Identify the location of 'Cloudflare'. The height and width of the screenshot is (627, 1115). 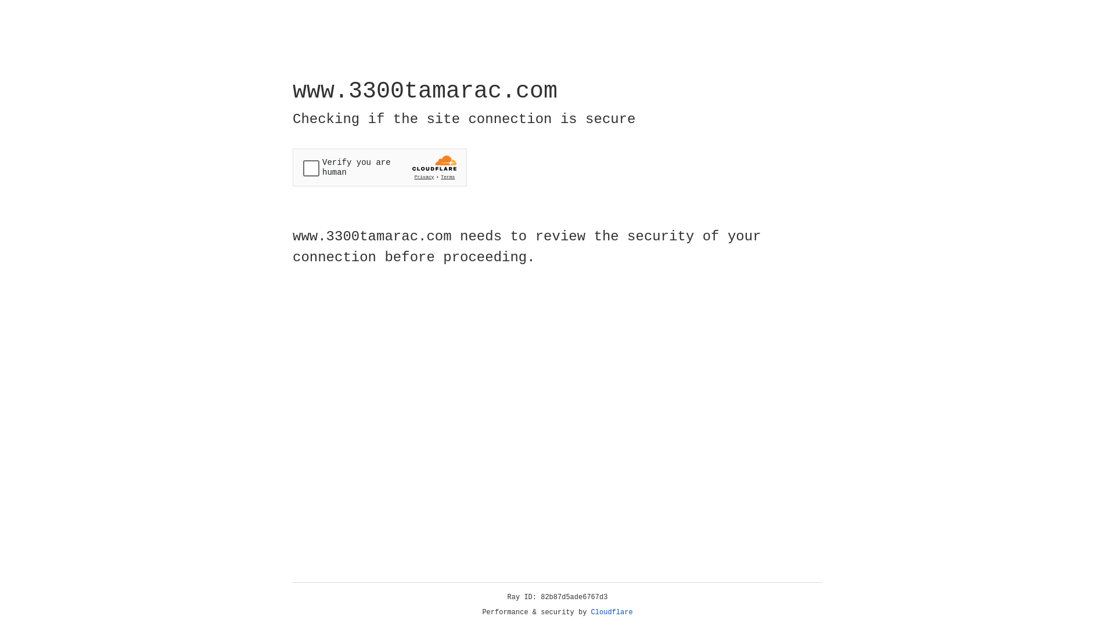
(612, 612).